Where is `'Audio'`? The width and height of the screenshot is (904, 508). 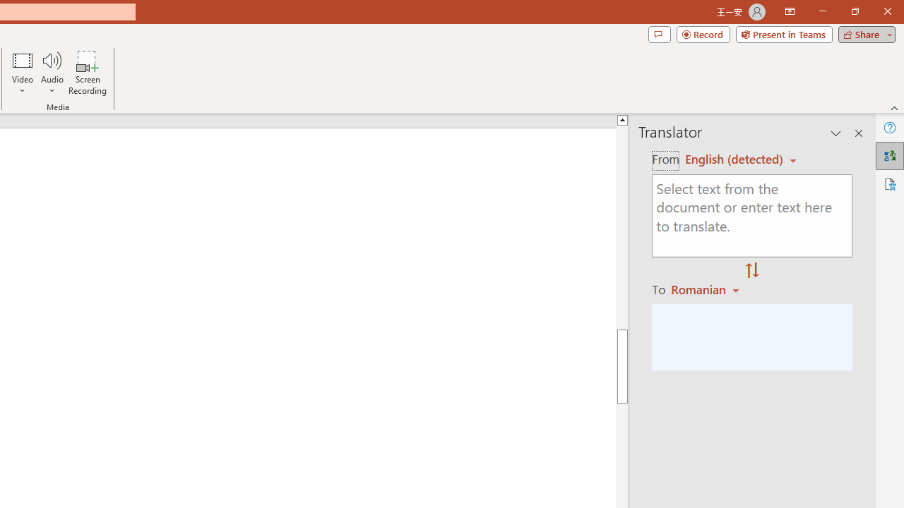 'Audio' is located at coordinates (52, 73).